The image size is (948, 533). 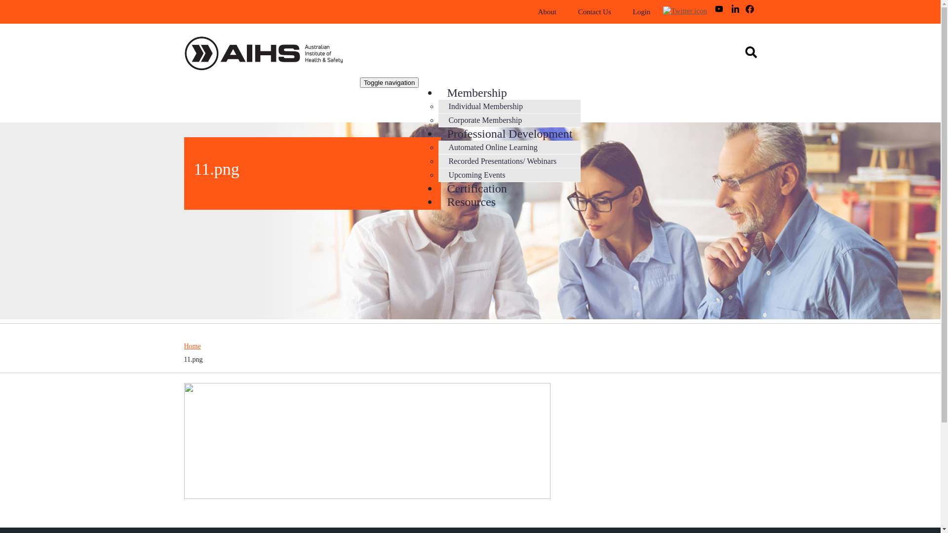 What do you see at coordinates (476, 93) in the screenshot?
I see `'Membership'` at bounding box center [476, 93].